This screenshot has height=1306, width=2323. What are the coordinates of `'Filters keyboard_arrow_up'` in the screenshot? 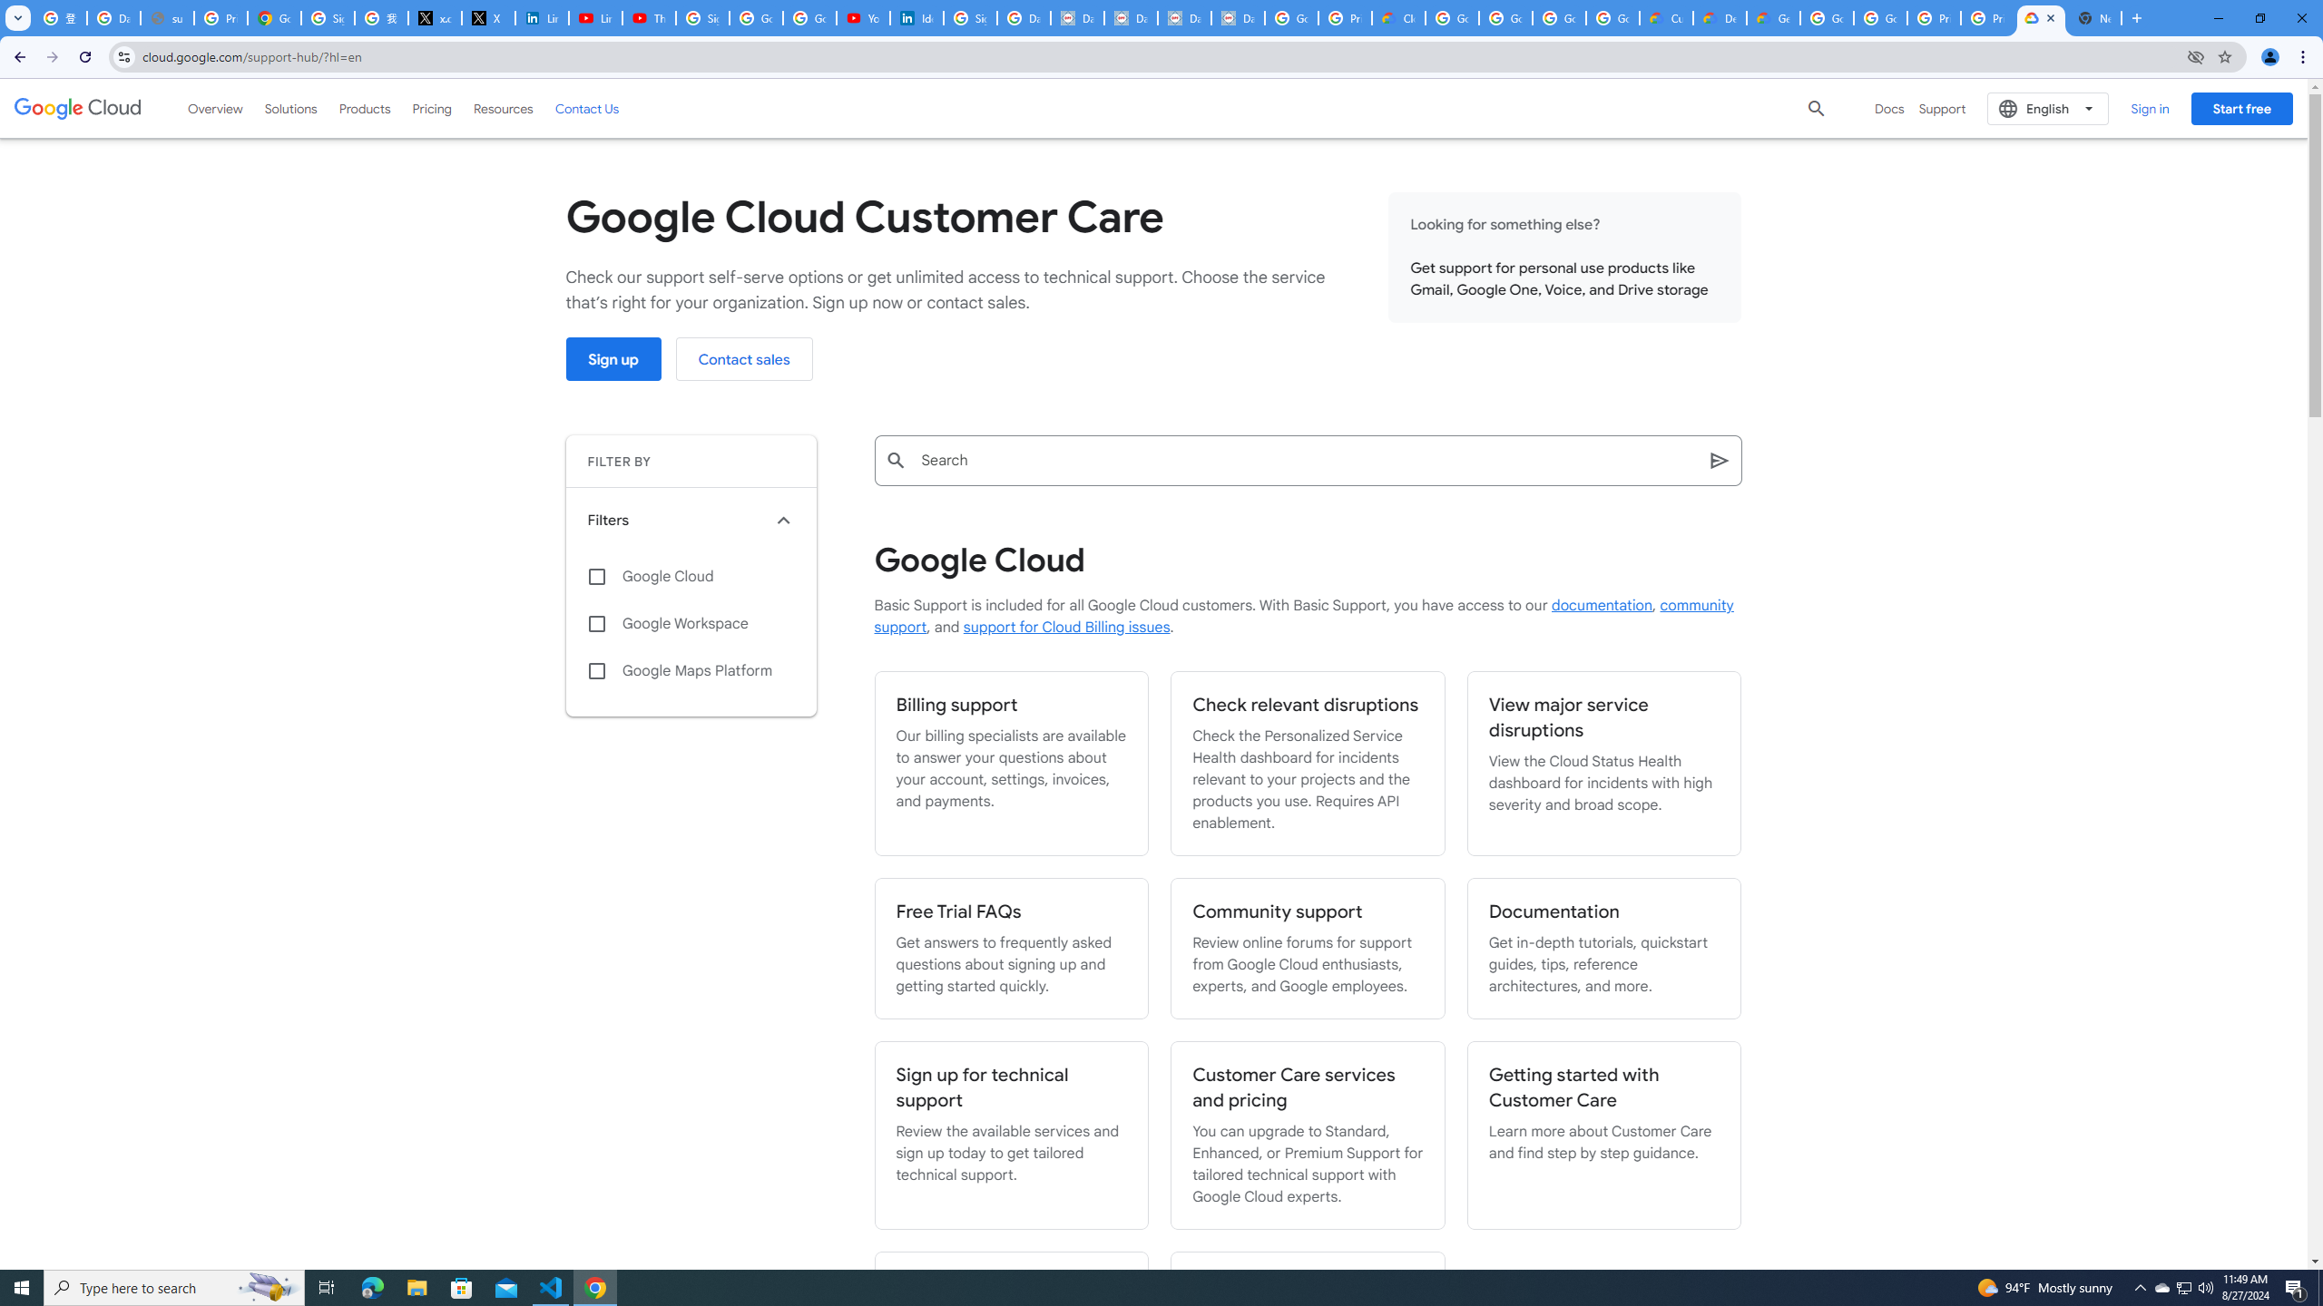 It's located at (691, 521).